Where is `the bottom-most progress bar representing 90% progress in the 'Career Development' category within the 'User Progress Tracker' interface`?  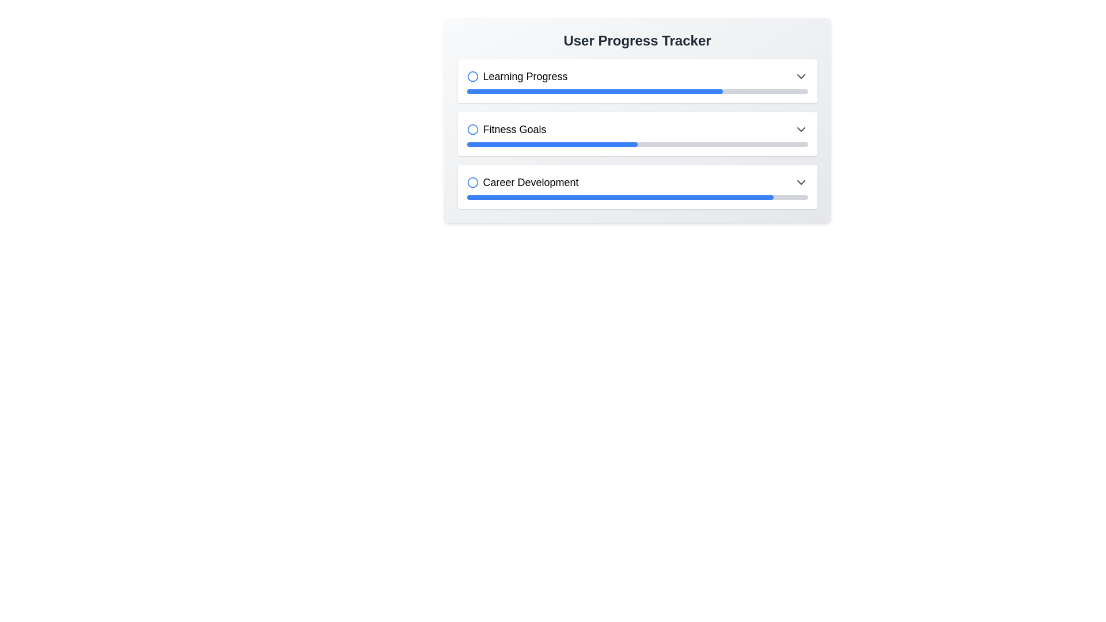 the bottom-most progress bar representing 90% progress in the 'Career Development' category within the 'User Progress Tracker' interface is located at coordinates (619, 197).